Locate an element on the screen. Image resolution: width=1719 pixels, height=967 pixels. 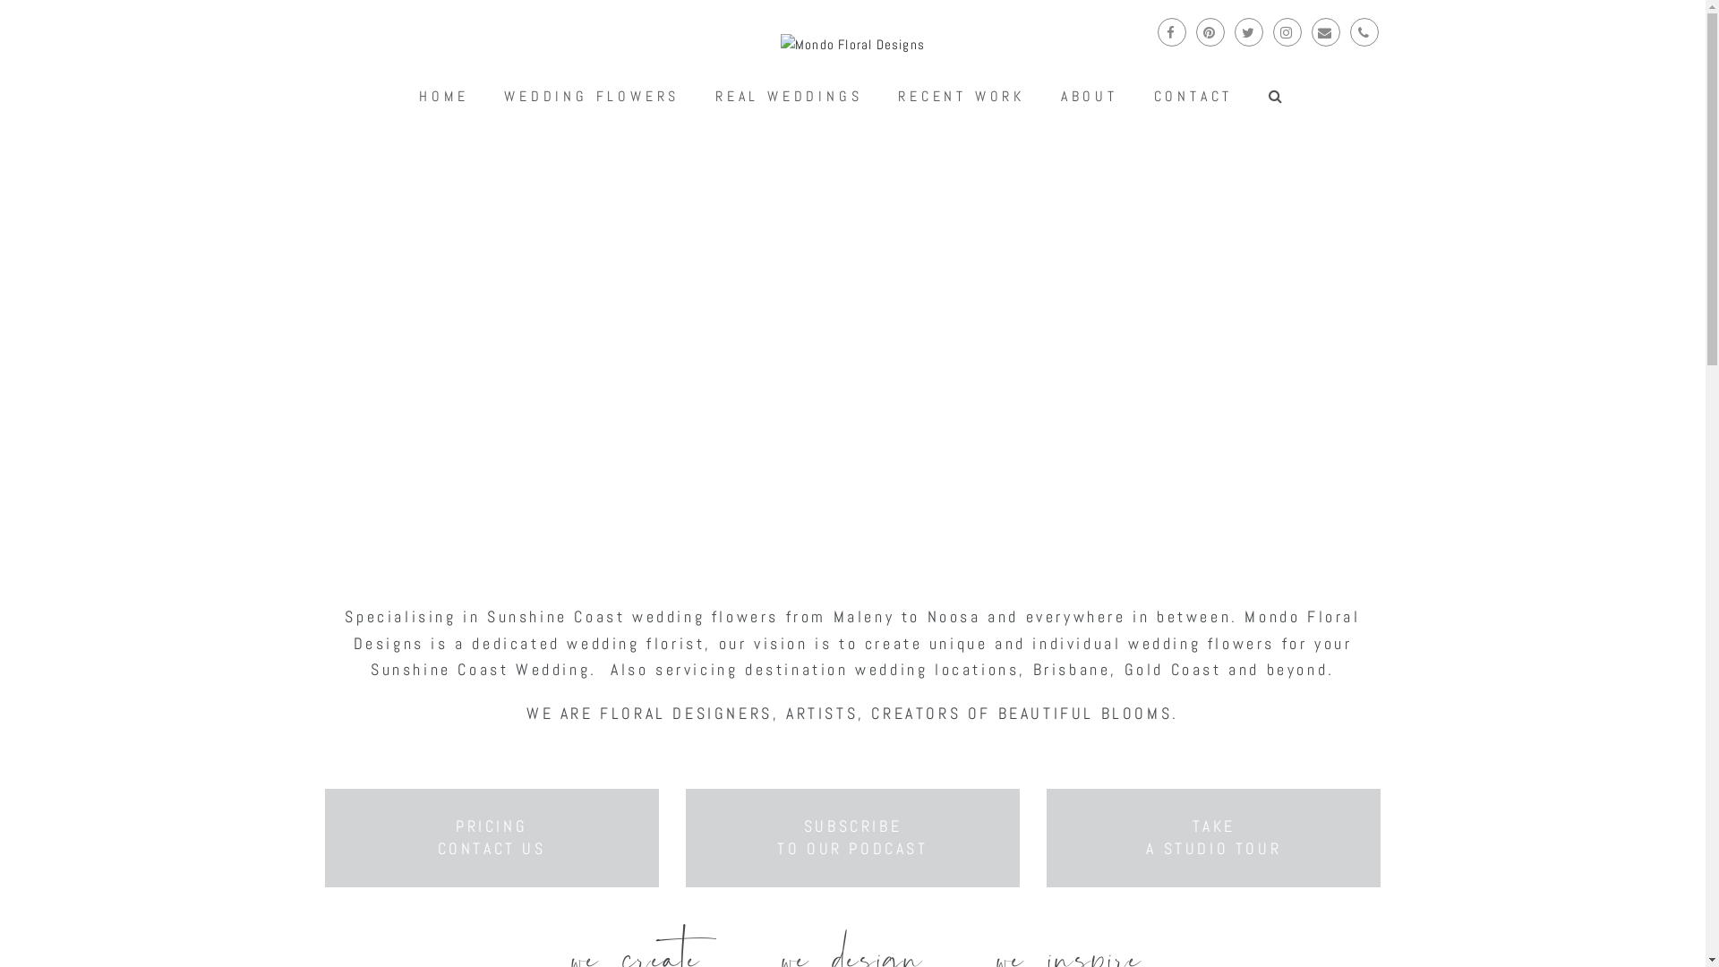
'Instagram' is located at coordinates (1287, 31).